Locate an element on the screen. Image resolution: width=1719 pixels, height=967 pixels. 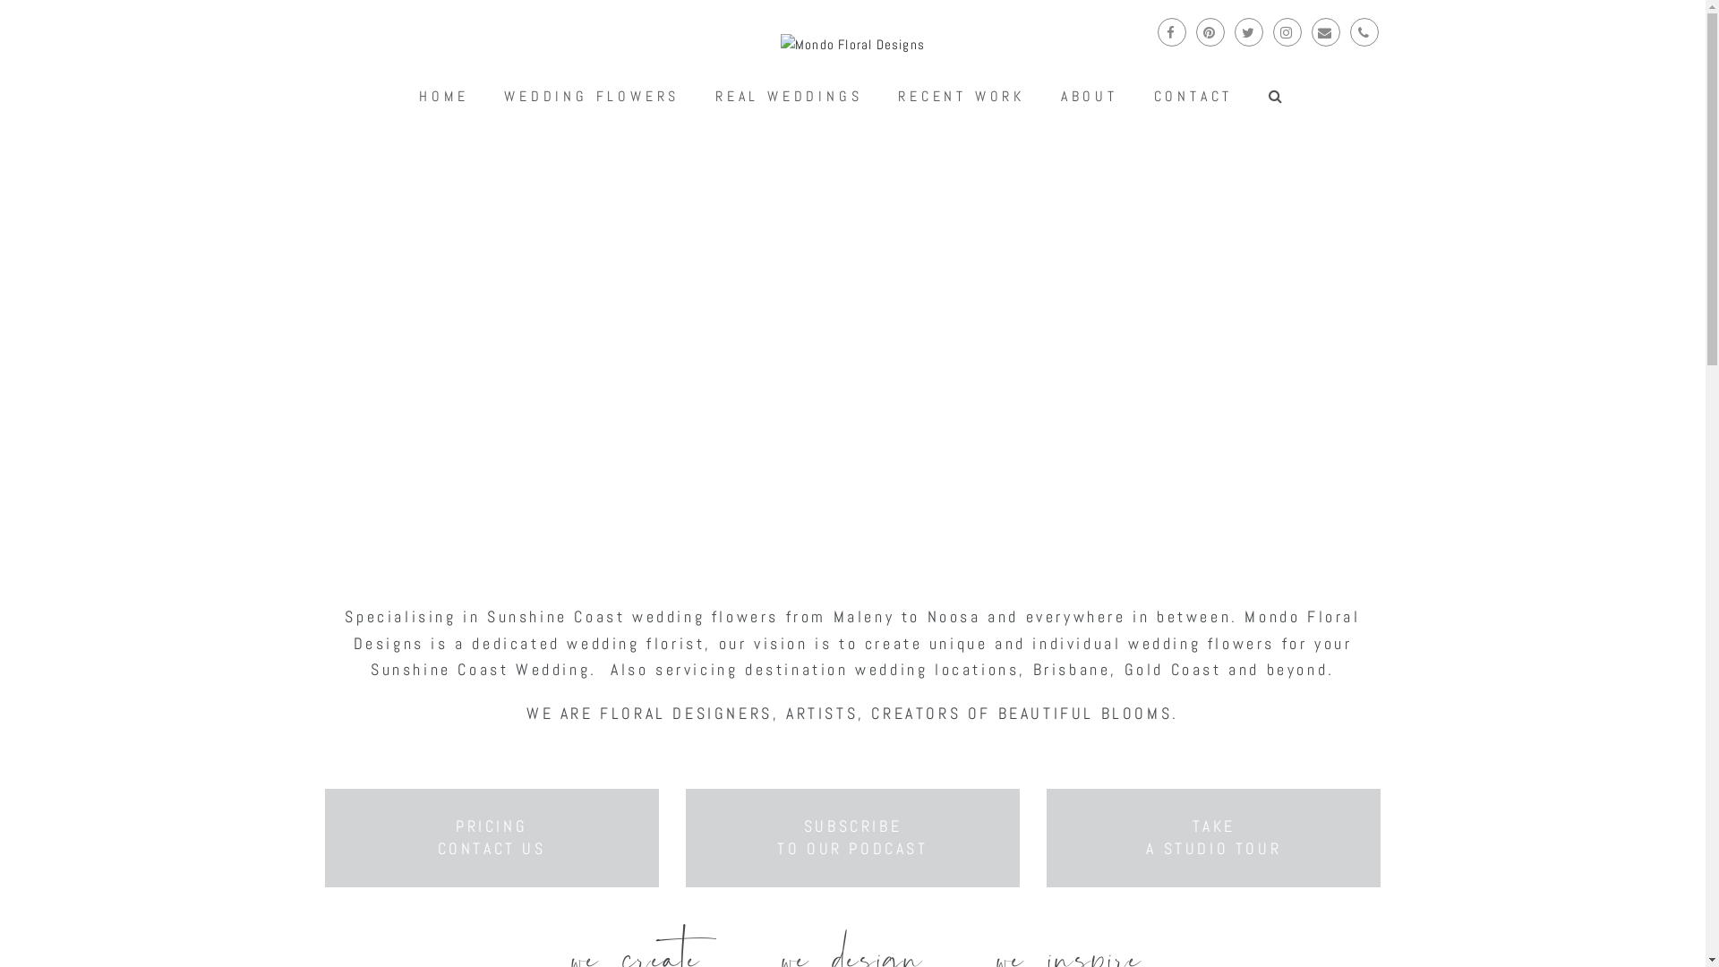
'Instagram' is located at coordinates (1287, 31).